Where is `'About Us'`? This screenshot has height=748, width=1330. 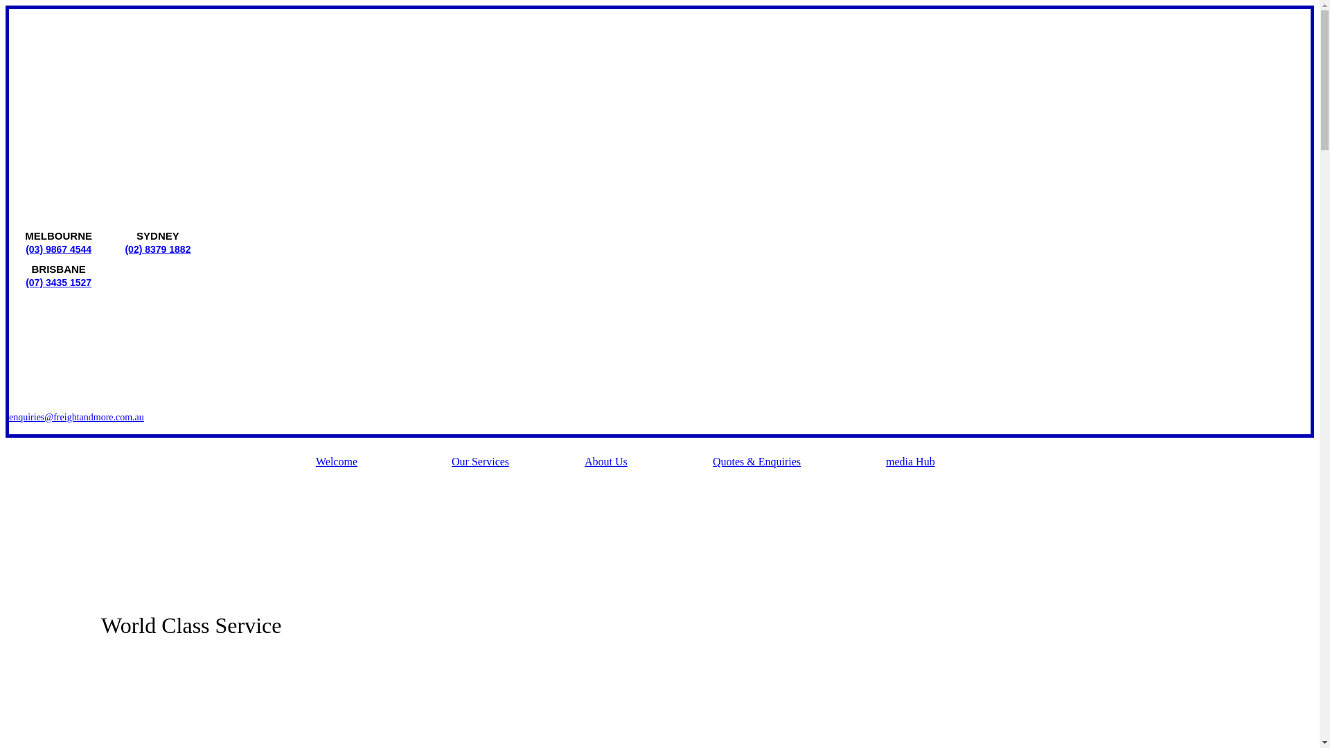
'About Us' is located at coordinates (585, 465).